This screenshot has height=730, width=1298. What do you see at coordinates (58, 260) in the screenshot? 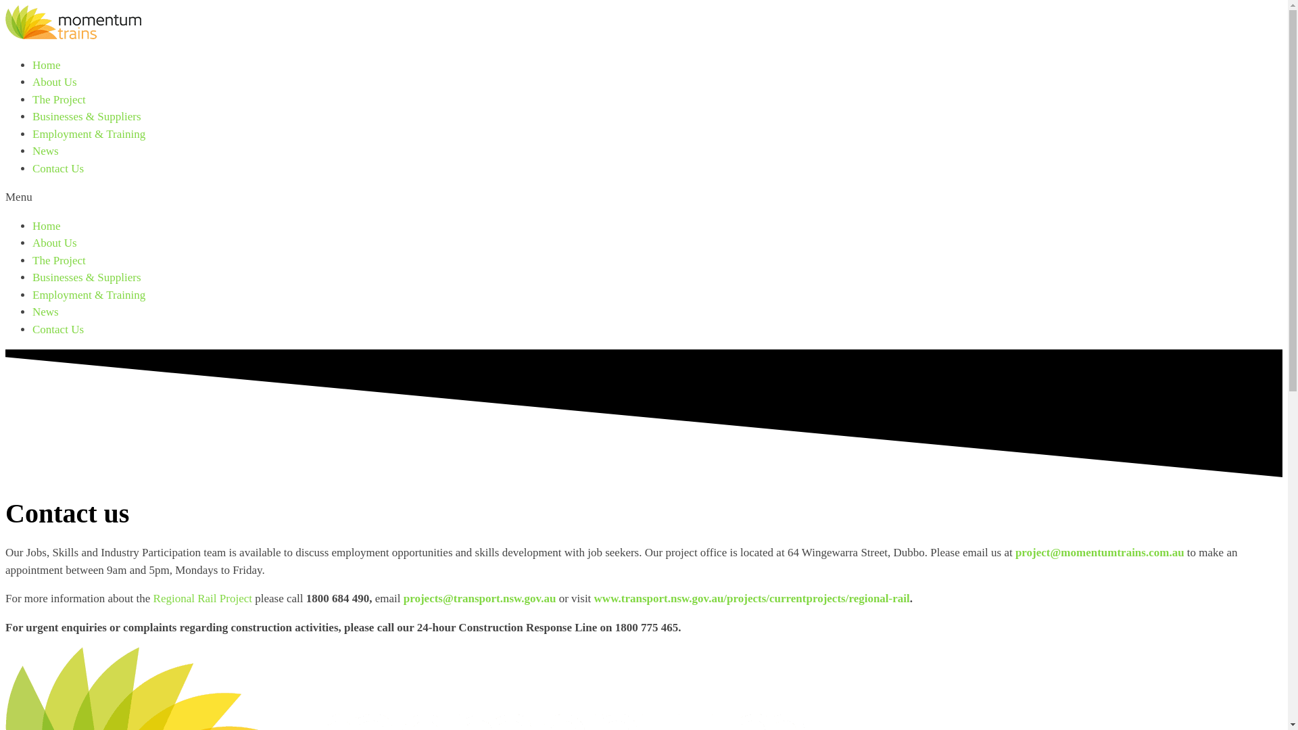
I see `'The Project'` at bounding box center [58, 260].